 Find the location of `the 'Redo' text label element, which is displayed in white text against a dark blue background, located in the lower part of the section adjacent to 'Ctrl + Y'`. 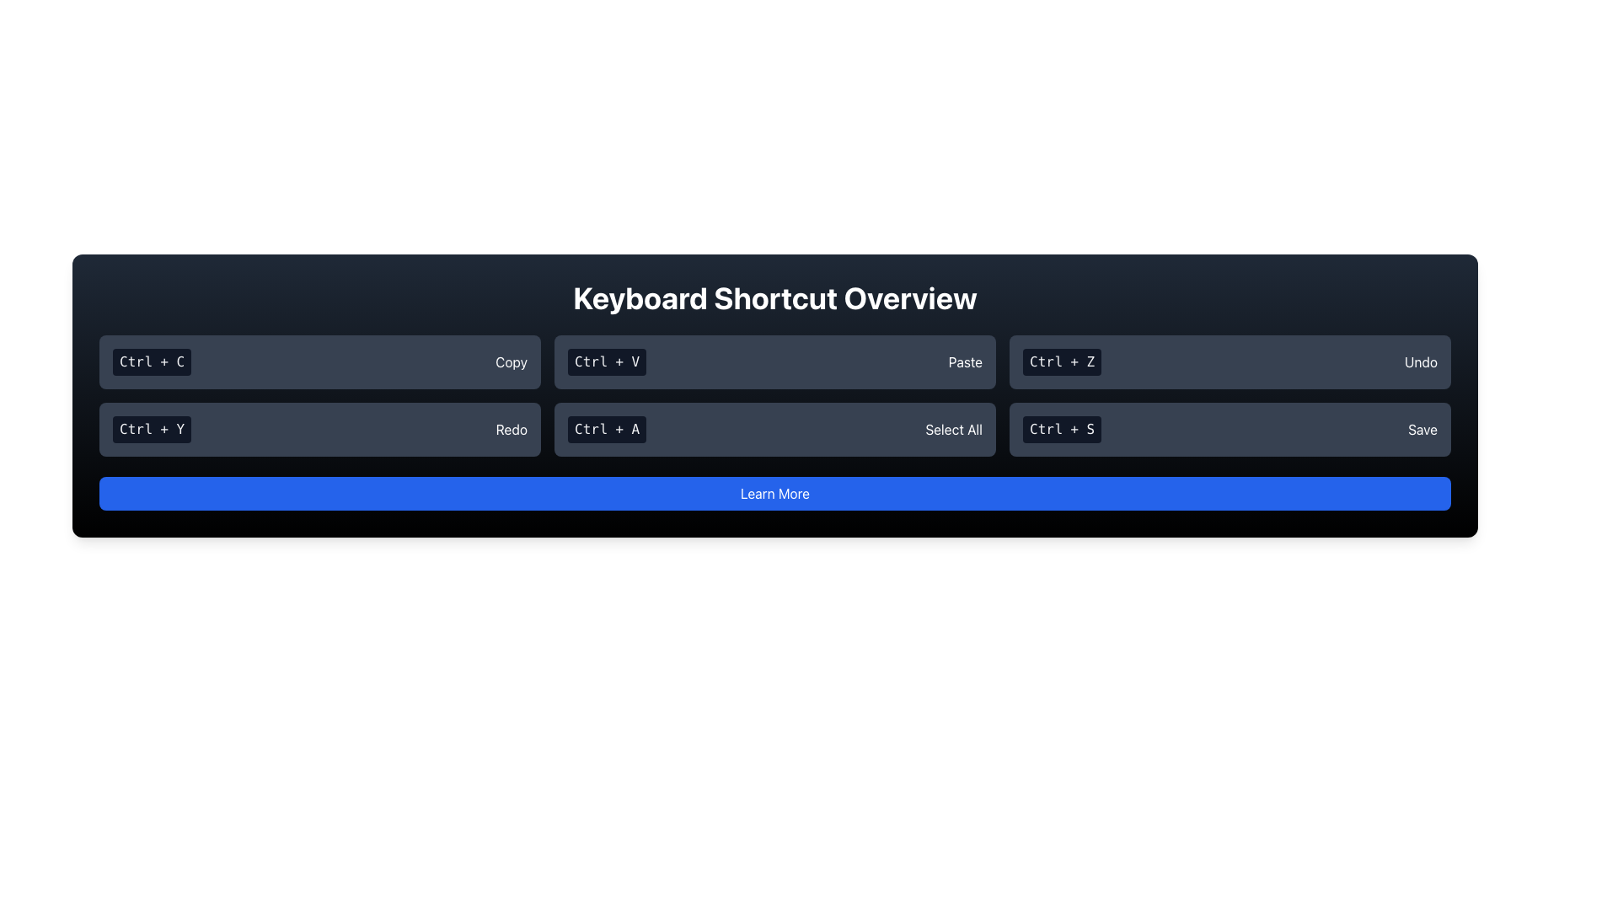

the 'Redo' text label element, which is displayed in white text against a dark blue background, located in the lower part of the section adjacent to 'Ctrl + Y' is located at coordinates (511, 428).